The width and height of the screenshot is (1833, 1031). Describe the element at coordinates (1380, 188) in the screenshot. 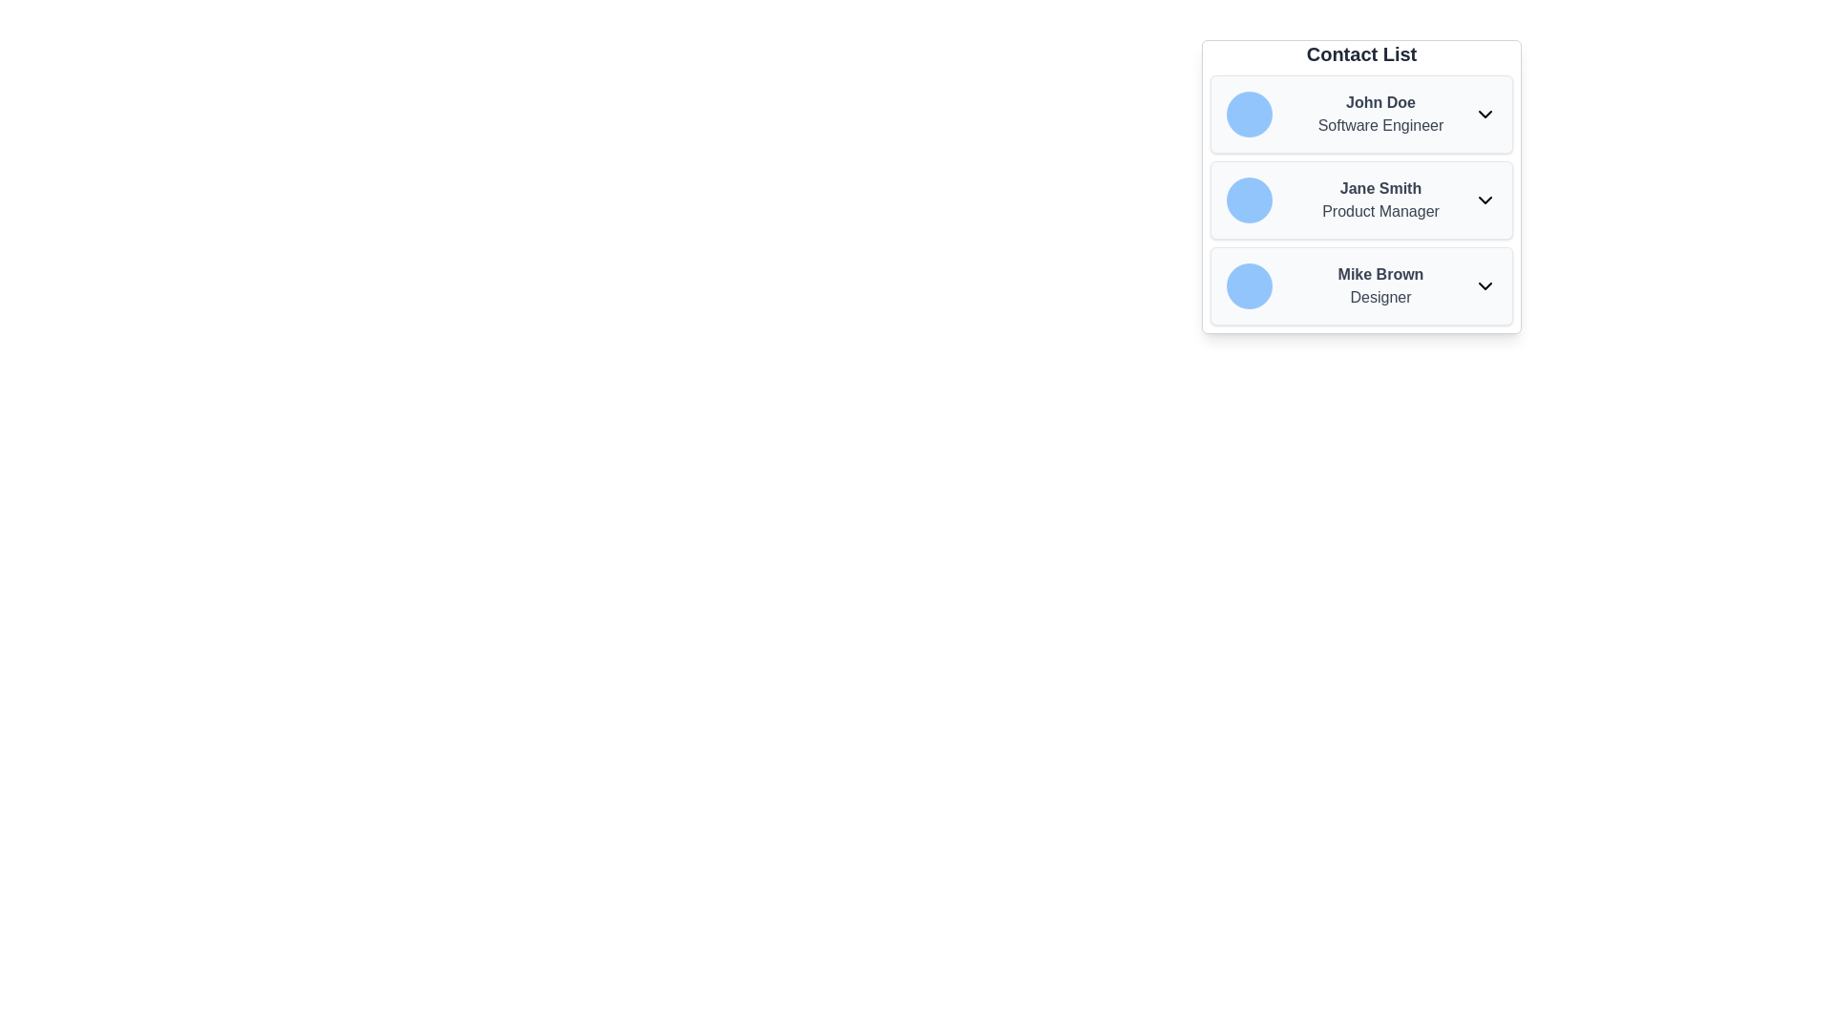

I see `the text 'Jane Smith' which is displayed in bold font and is part of a contact information card, positioned above the designation 'Product Manager'` at that location.